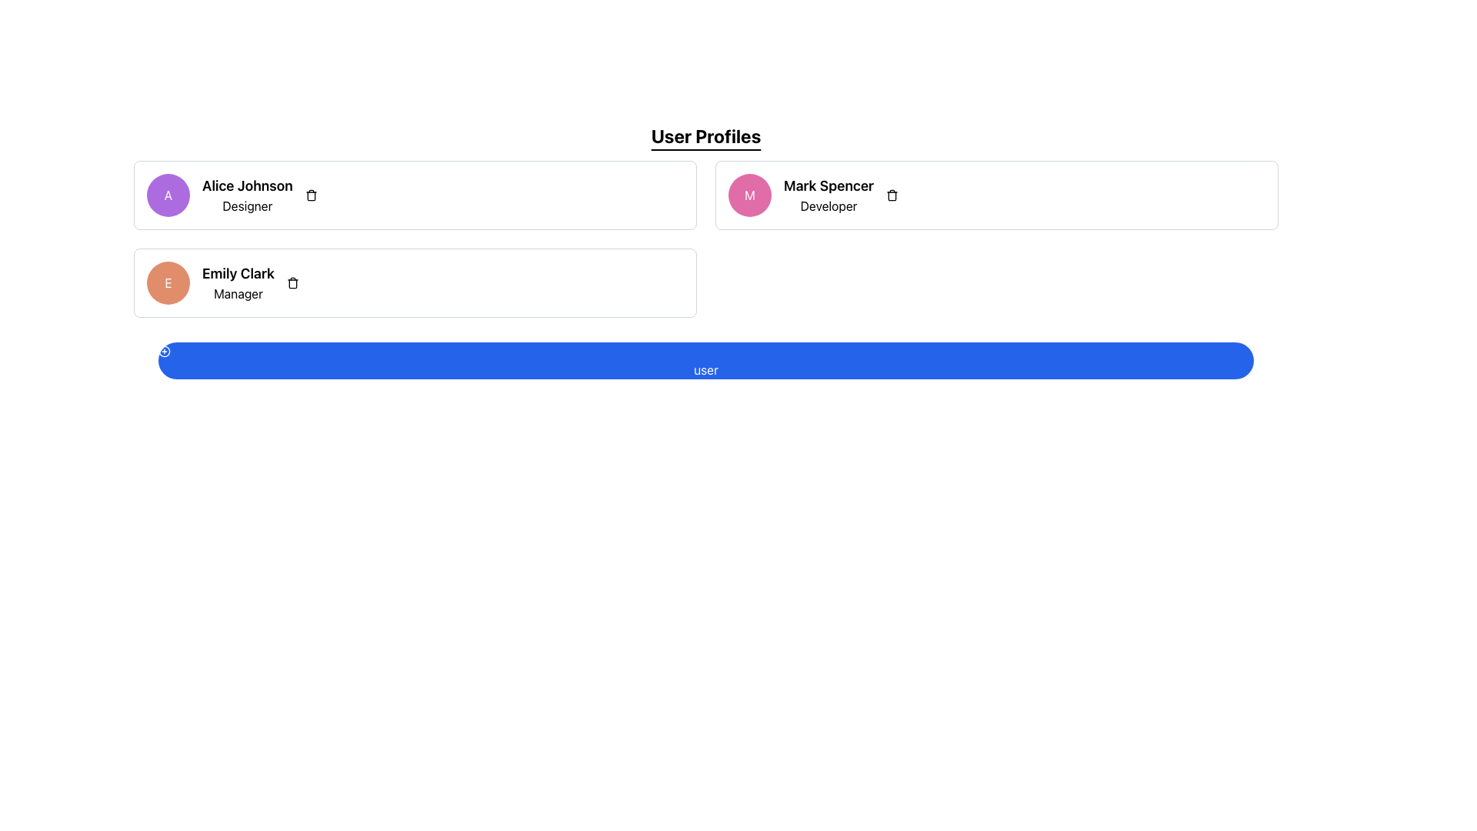 The image size is (1477, 831). Describe the element at coordinates (892, 195) in the screenshot. I see `the trash can icon button located in the top-right corner of the card layout for 'Mark Spencer'` at that location.